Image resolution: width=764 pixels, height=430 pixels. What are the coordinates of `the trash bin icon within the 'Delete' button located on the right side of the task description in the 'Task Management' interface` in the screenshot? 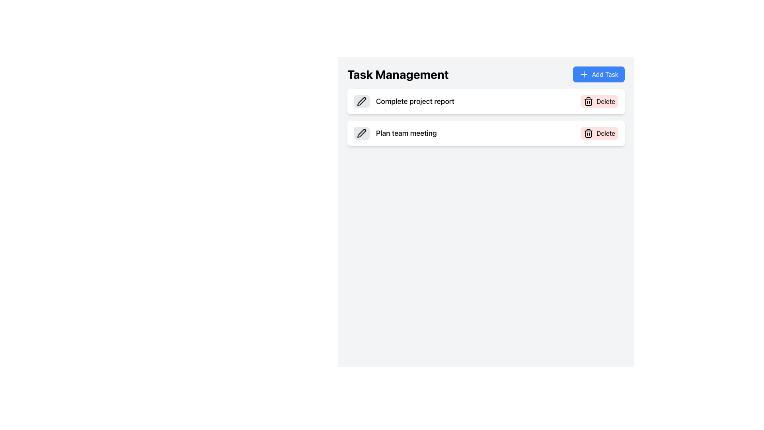 It's located at (589, 133).